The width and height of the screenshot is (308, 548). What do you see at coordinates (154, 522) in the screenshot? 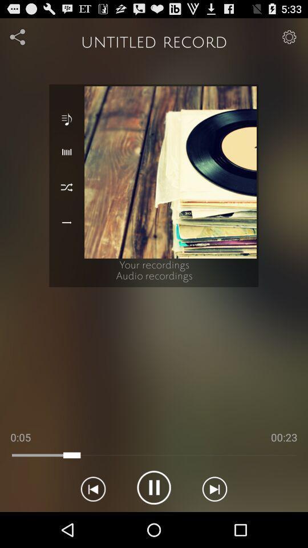
I see `the pause icon` at bounding box center [154, 522].